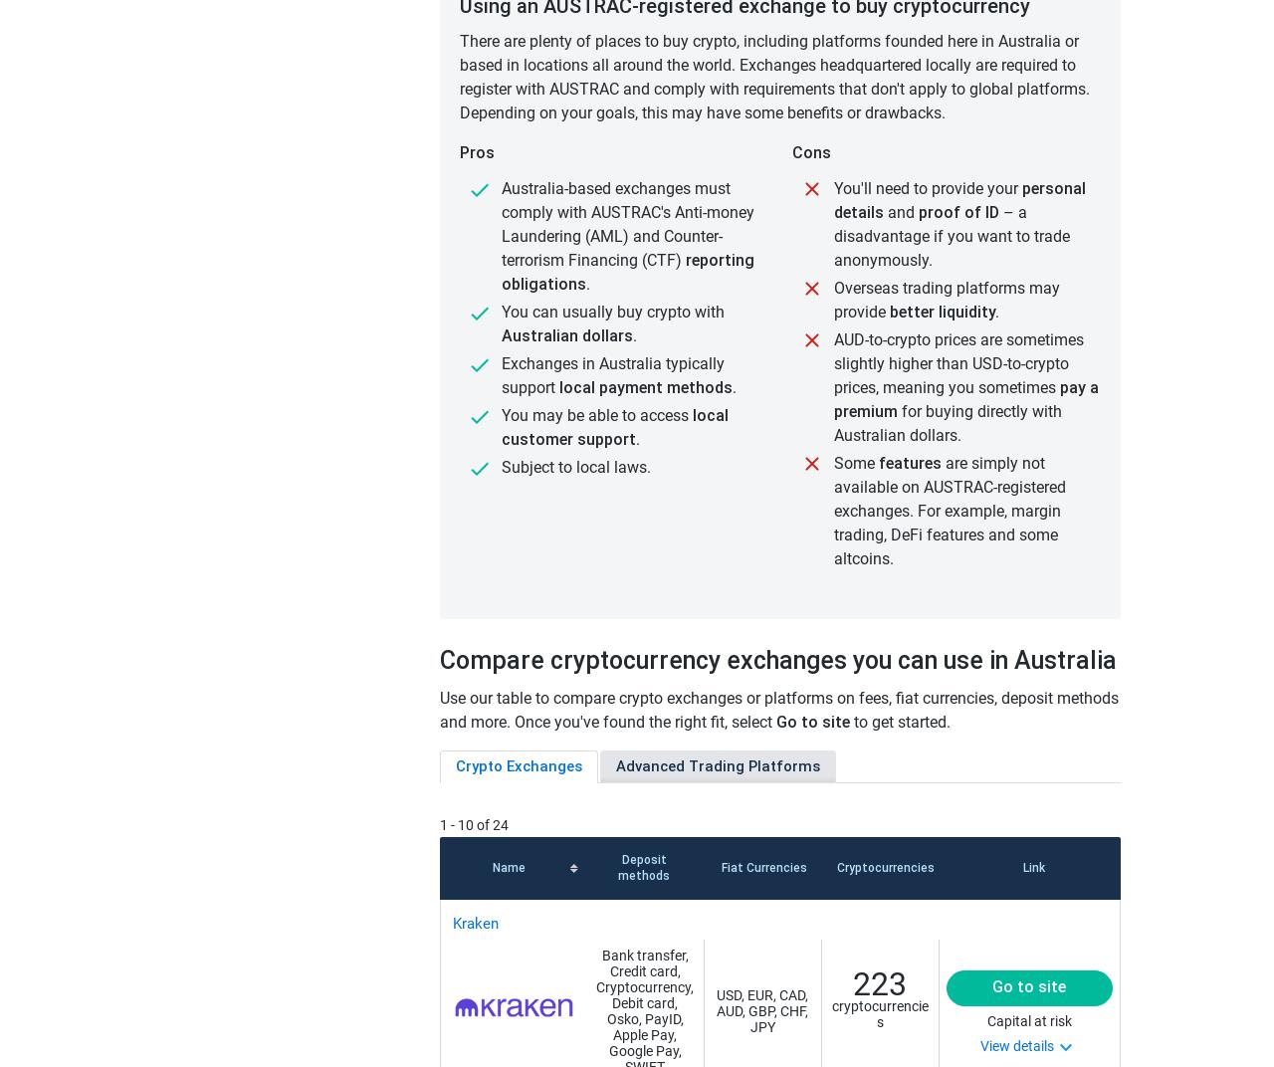 This screenshot has height=1067, width=1274. I want to click on 'Subject to local laws.', so click(574, 466).